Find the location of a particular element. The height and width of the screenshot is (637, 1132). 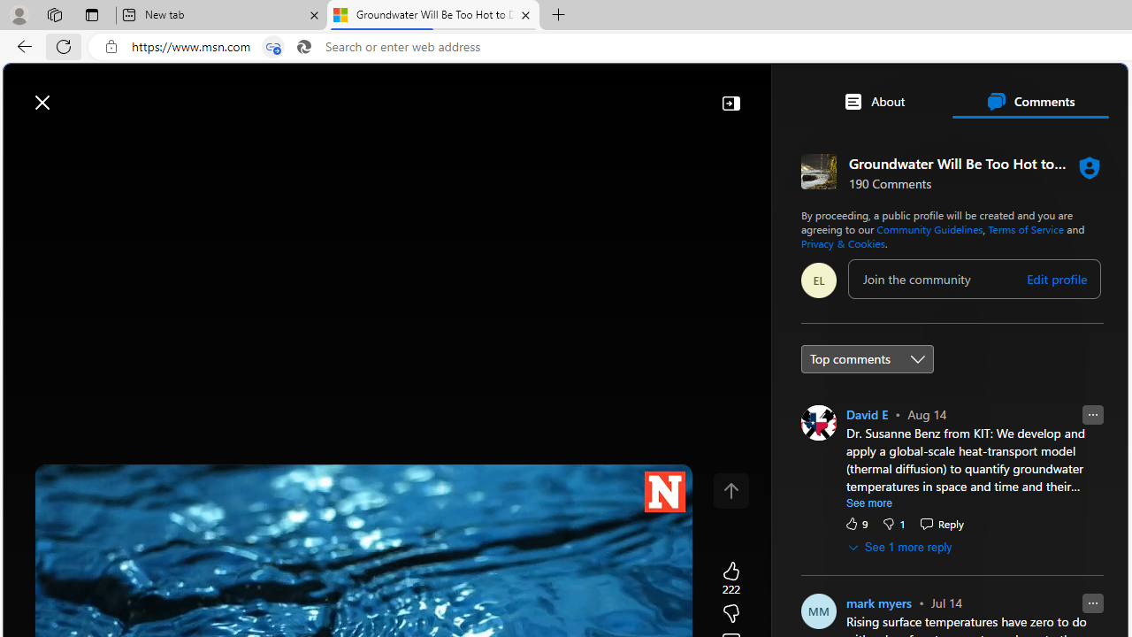

'Class: control icon-only' is located at coordinates (730, 491).